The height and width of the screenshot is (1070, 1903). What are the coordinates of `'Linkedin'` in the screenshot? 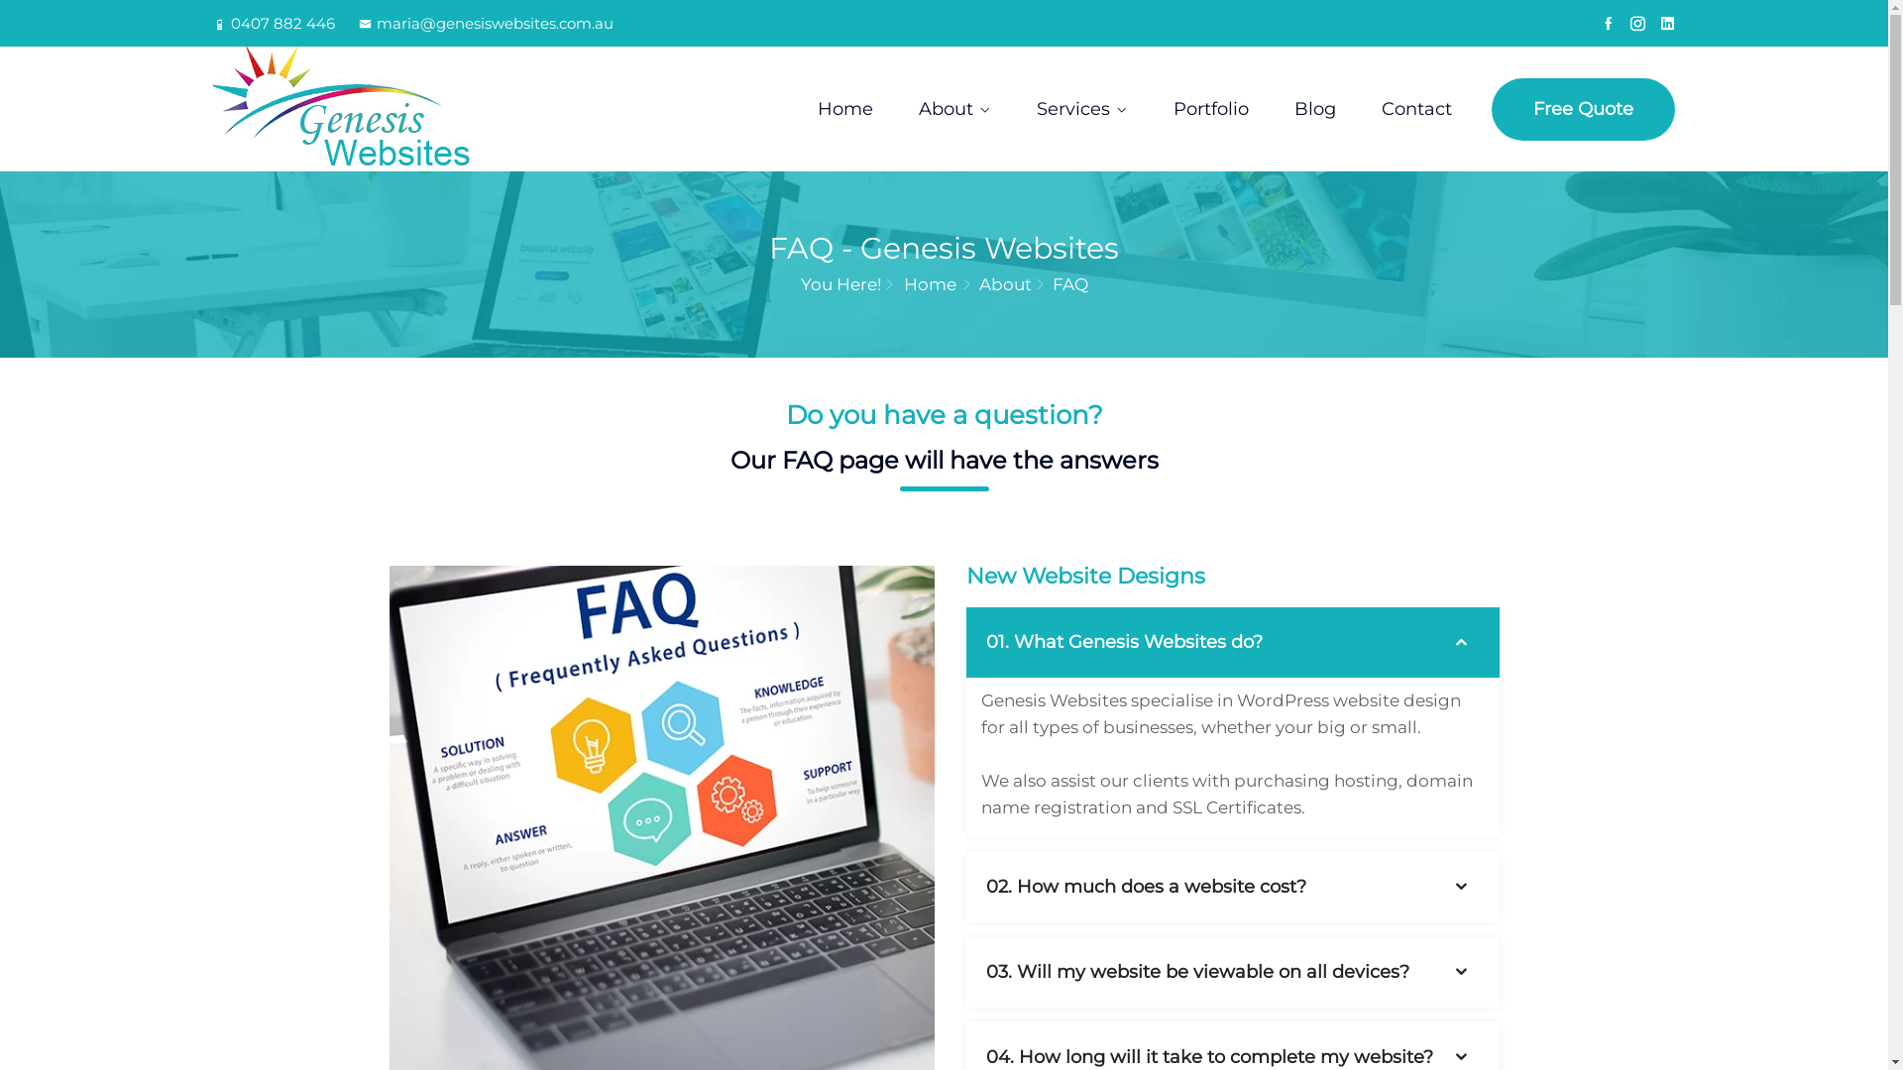 It's located at (1660, 23).